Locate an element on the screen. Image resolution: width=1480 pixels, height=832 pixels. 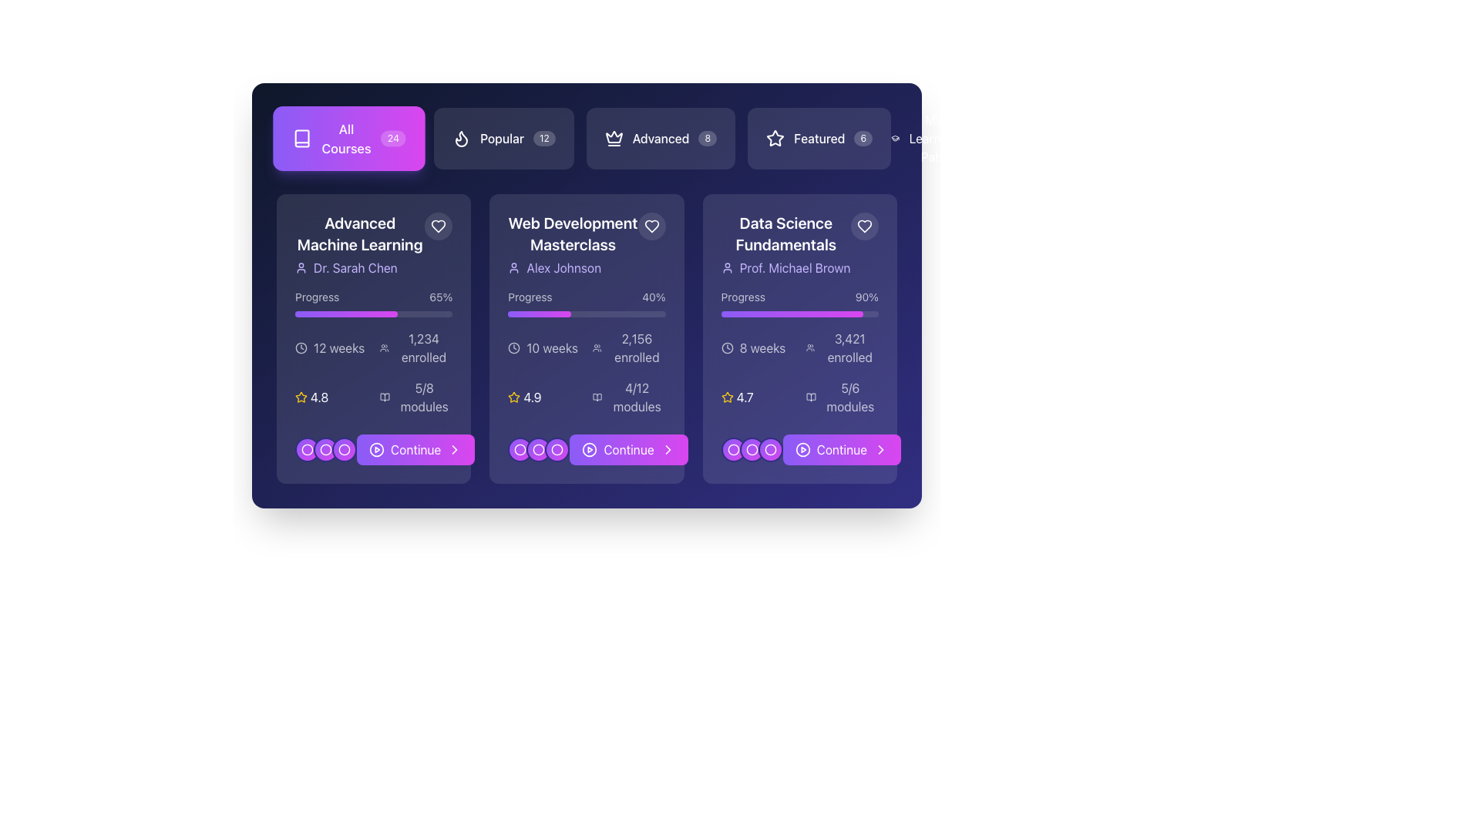
the circular indicator element located at the bottom of the Web Development Masterclass course card, which serves as a navigation indicator is located at coordinates (520, 449).